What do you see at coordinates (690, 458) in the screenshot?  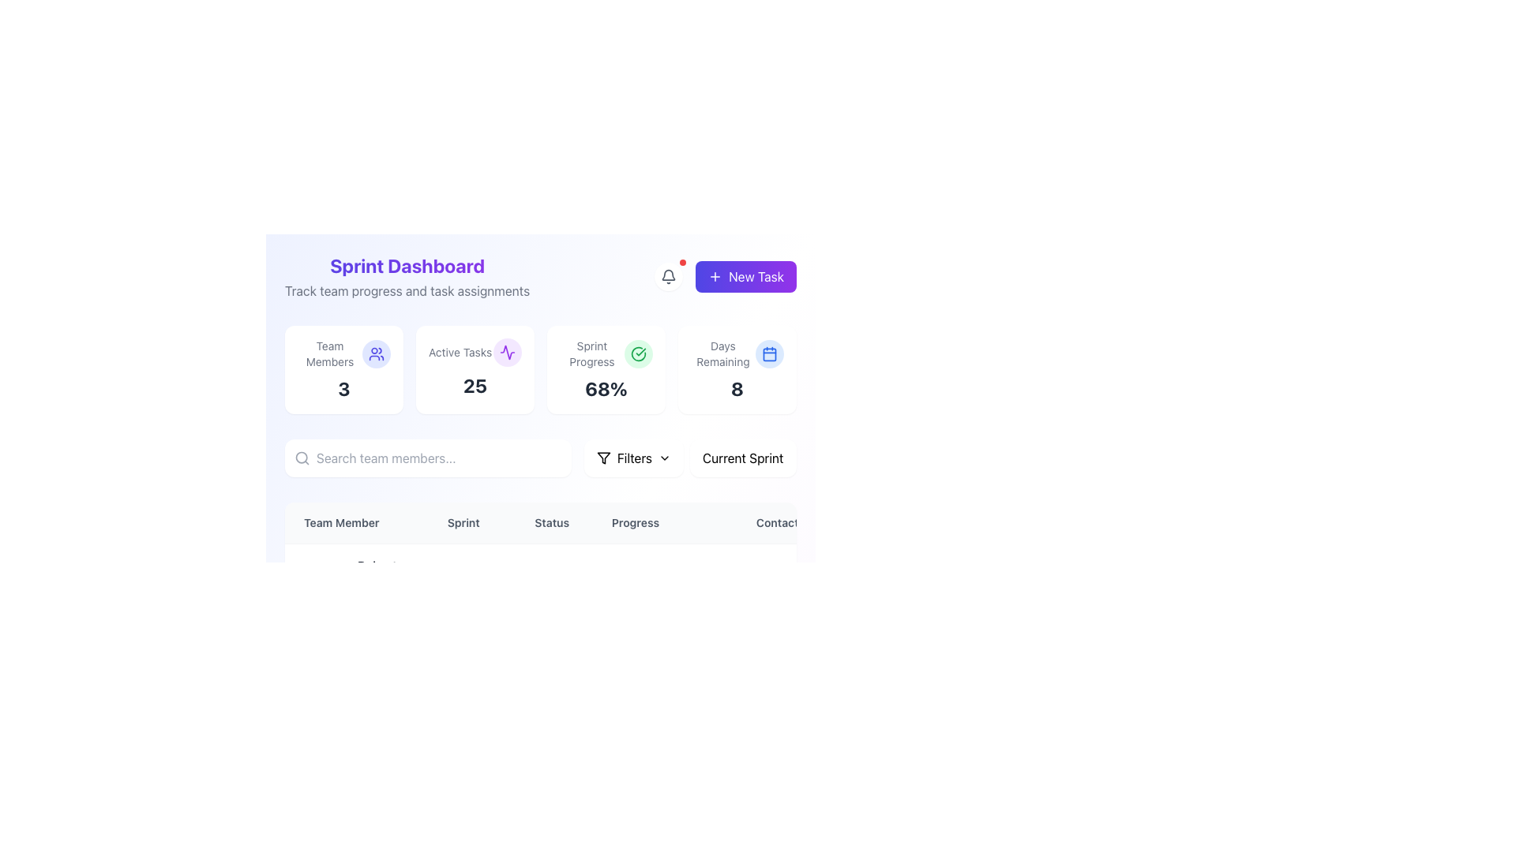 I see `the interactive toolbar located centrally beneath the dashboard metrics section` at bounding box center [690, 458].